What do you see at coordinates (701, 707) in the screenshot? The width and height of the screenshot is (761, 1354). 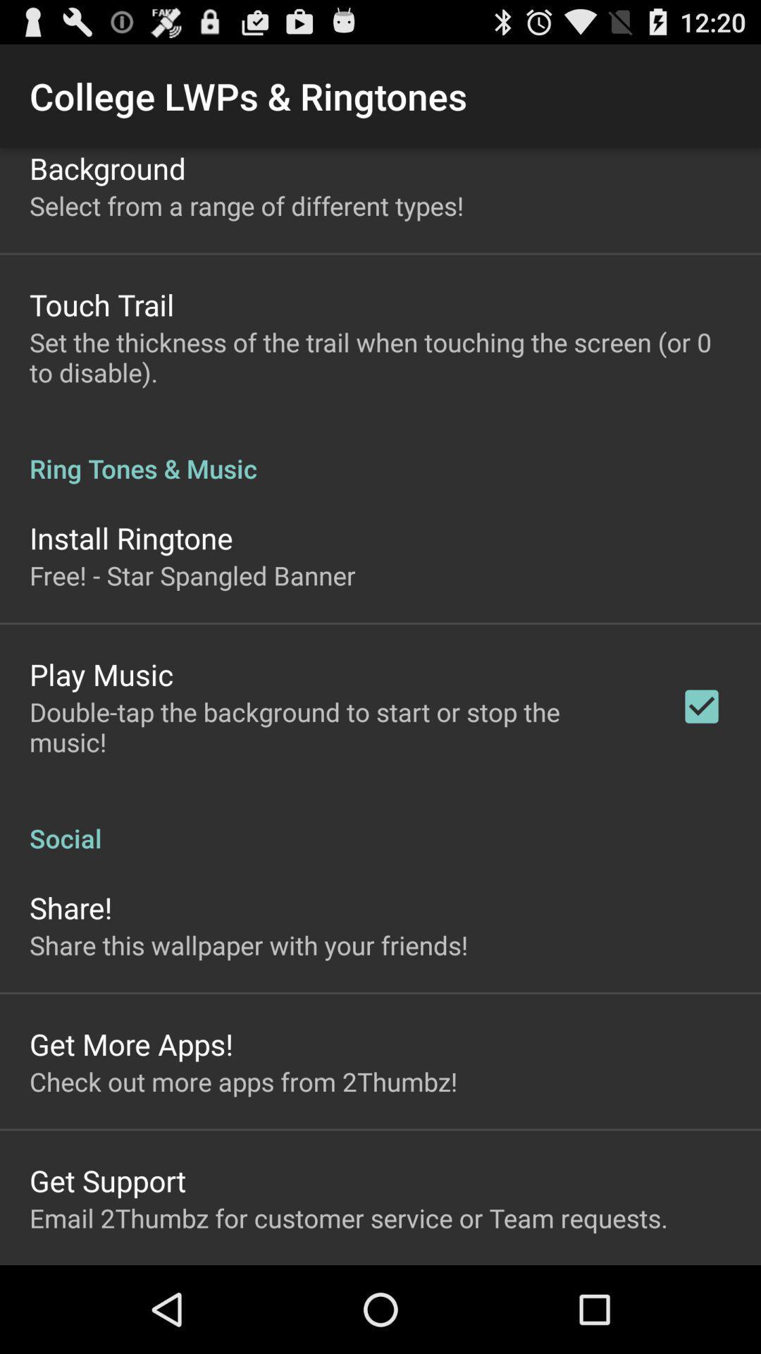 I see `icon above the social item` at bounding box center [701, 707].